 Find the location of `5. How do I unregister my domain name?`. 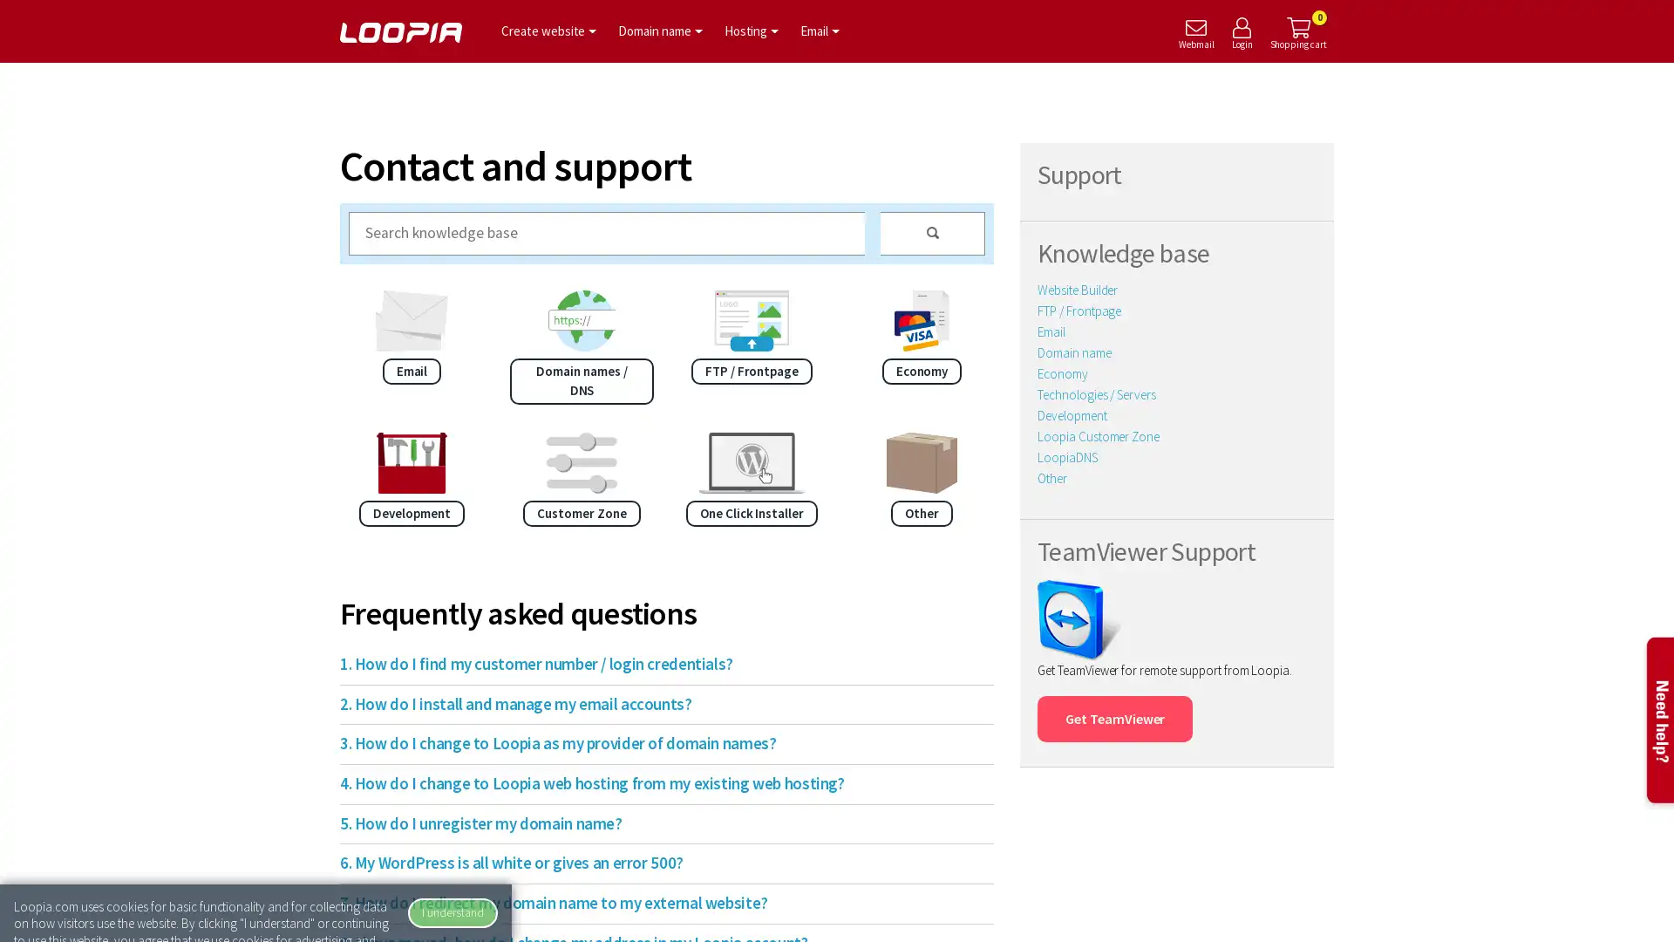

5. How do I unregister my domain name? is located at coordinates (657, 823).